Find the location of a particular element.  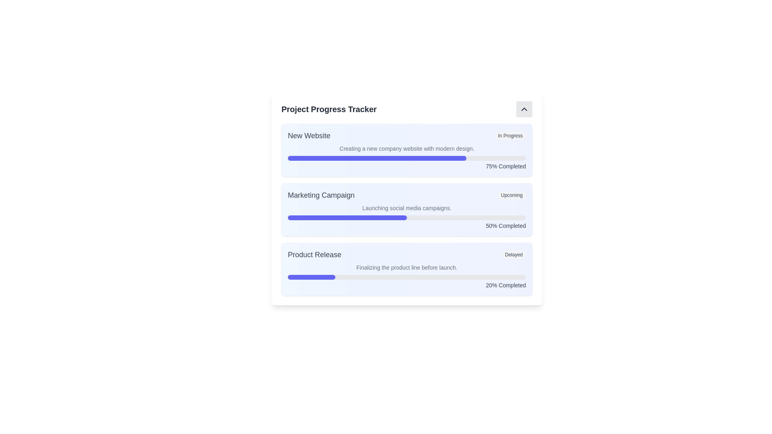

the indigo-blue progress bar indicating completion within the 'New Website' task progress card, located beneath the task title and description, and above the '75% Completed' text is located at coordinates (376, 158).